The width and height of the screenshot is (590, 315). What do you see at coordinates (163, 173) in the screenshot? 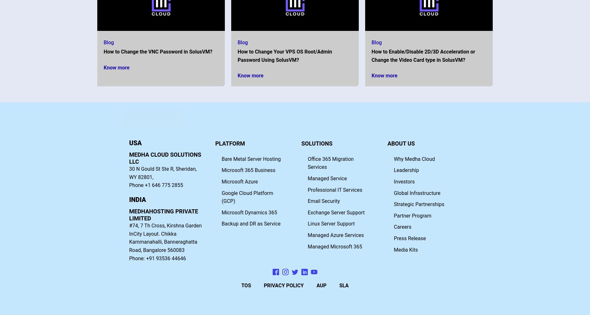
I see `'30 N Gould St Ste R, Sheridan, WY 82801,'` at bounding box center [163, 173].